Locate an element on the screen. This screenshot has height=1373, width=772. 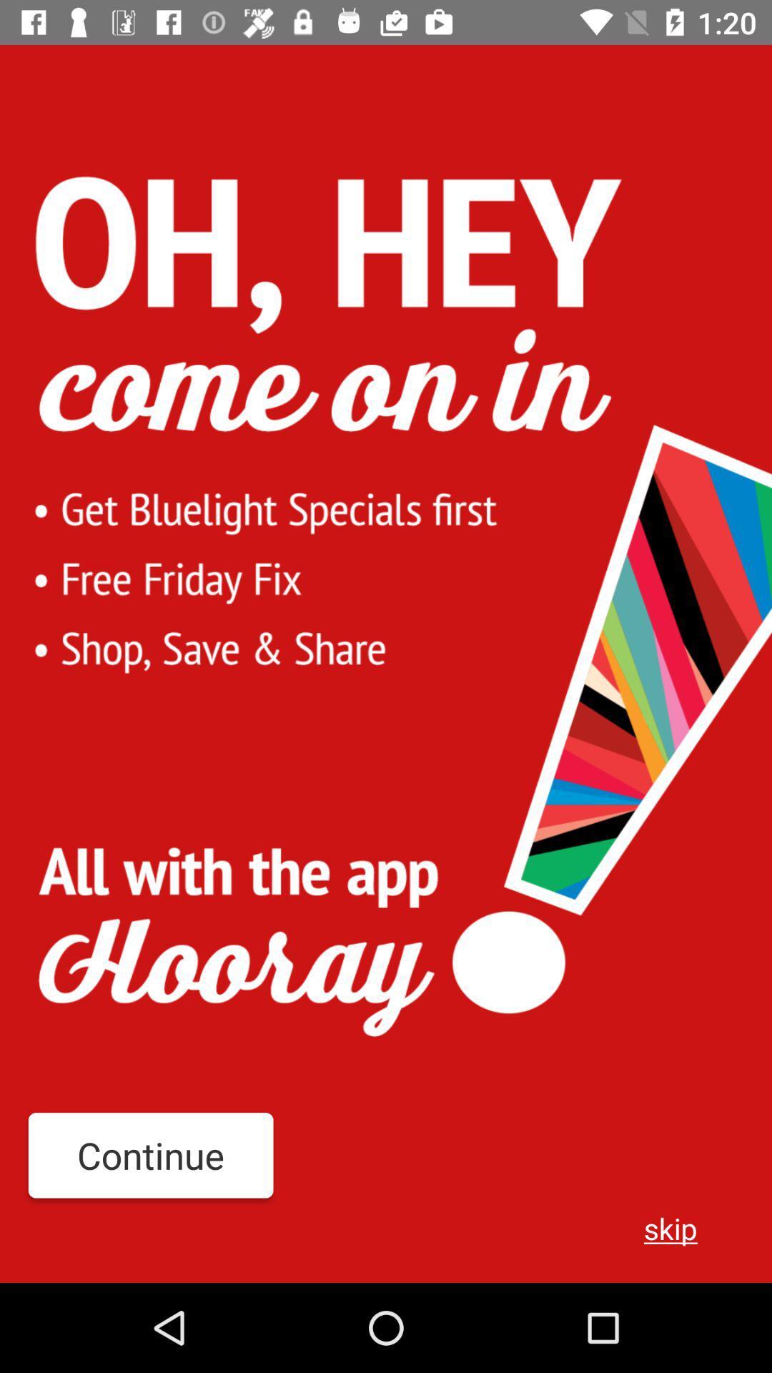
the icon next to continue is located at coordinates (670, 1227).